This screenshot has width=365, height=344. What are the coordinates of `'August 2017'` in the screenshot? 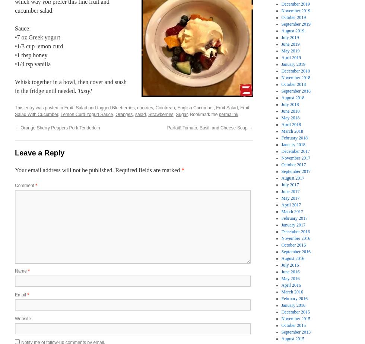 It's located at (281, 178).